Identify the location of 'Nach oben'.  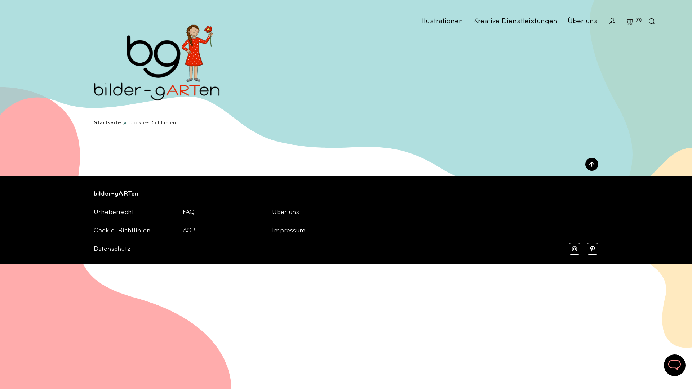
(591, 164).